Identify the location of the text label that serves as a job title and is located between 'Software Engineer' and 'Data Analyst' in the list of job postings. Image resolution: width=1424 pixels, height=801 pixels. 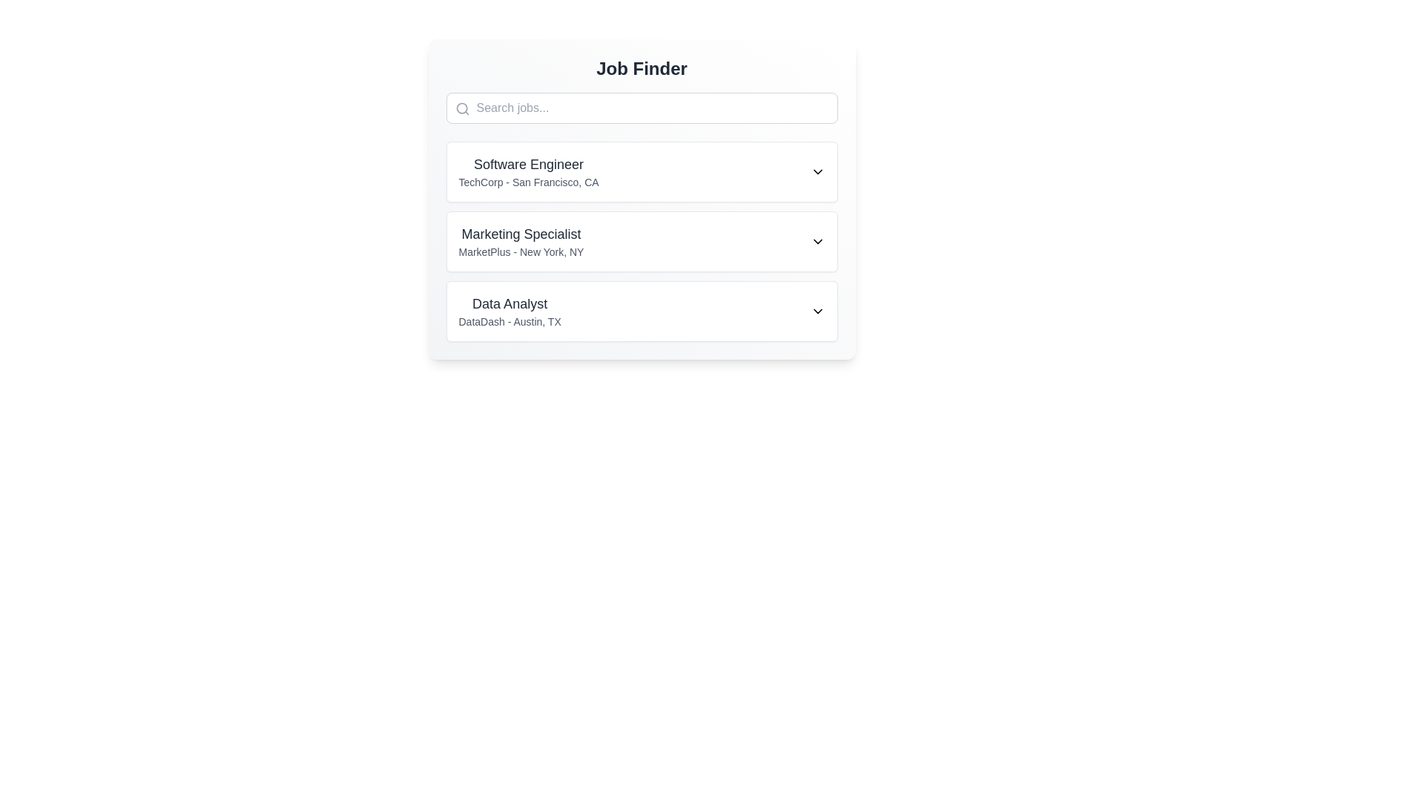
(521, 241).